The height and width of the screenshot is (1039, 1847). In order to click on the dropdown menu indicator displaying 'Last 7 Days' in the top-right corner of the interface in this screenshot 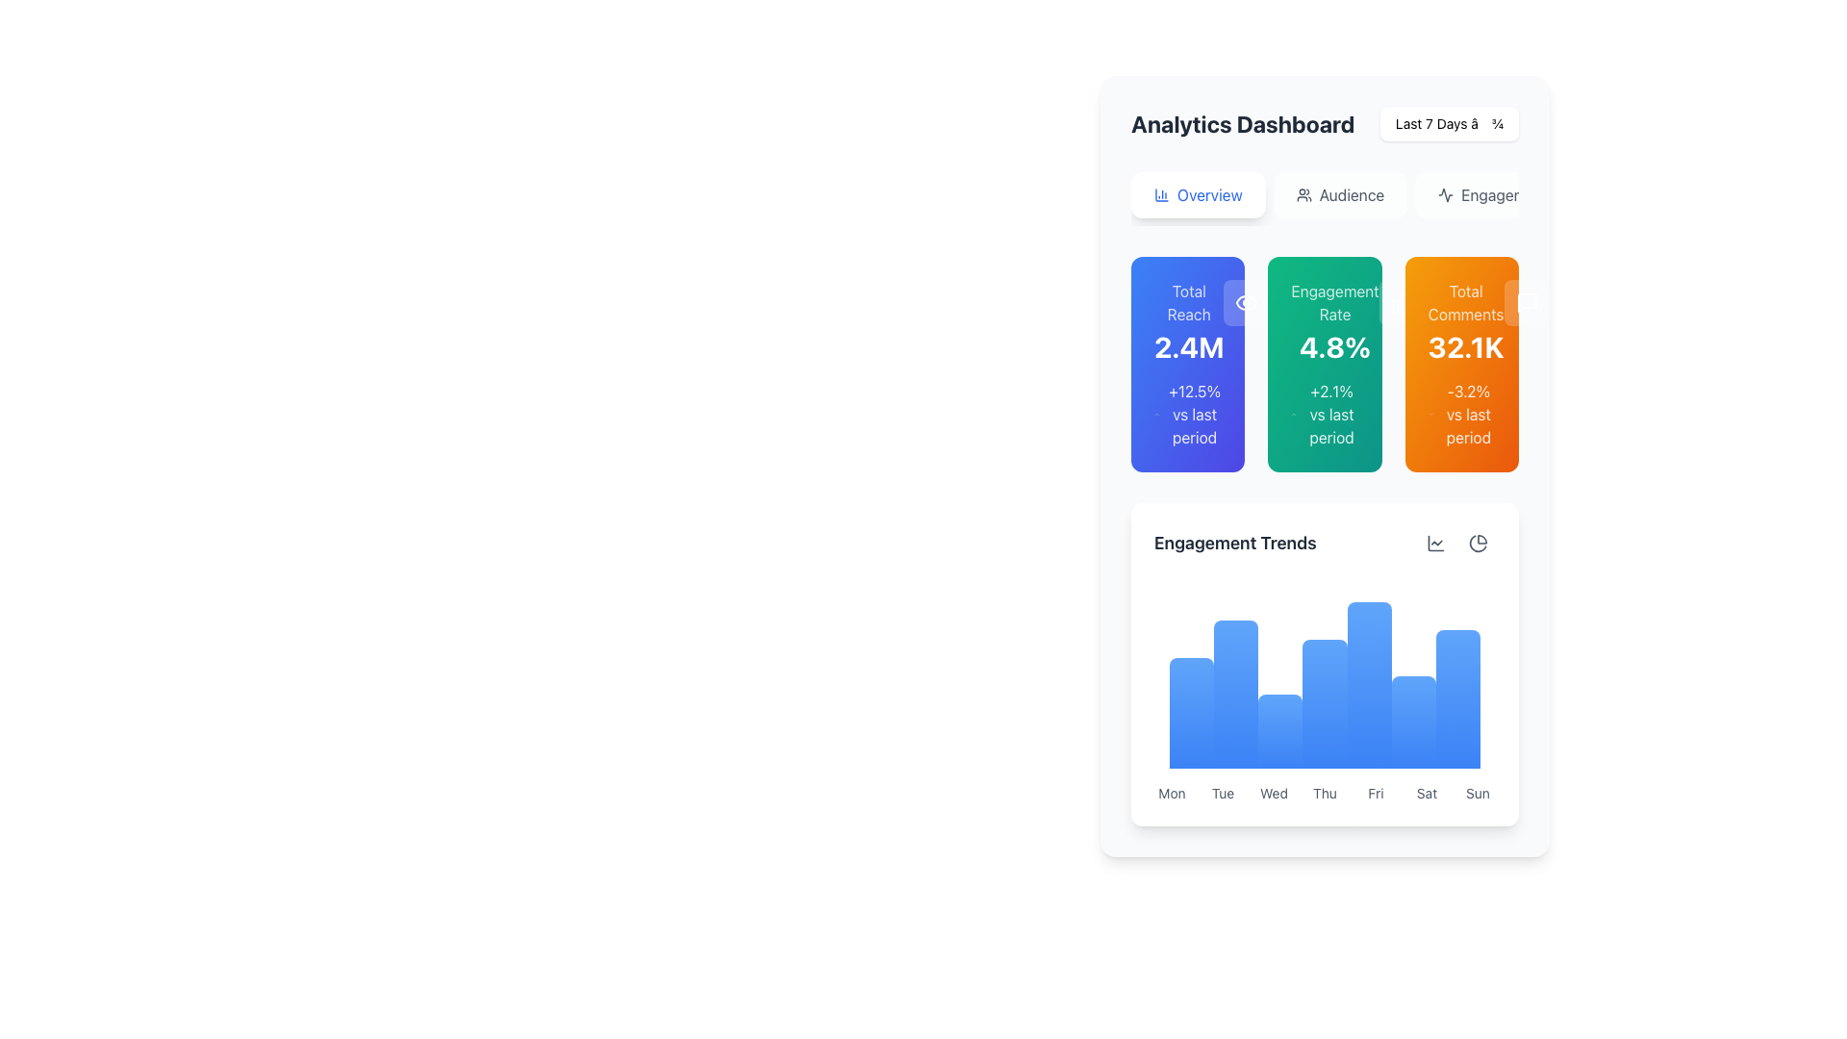, I will do `click(1450, 123)`.